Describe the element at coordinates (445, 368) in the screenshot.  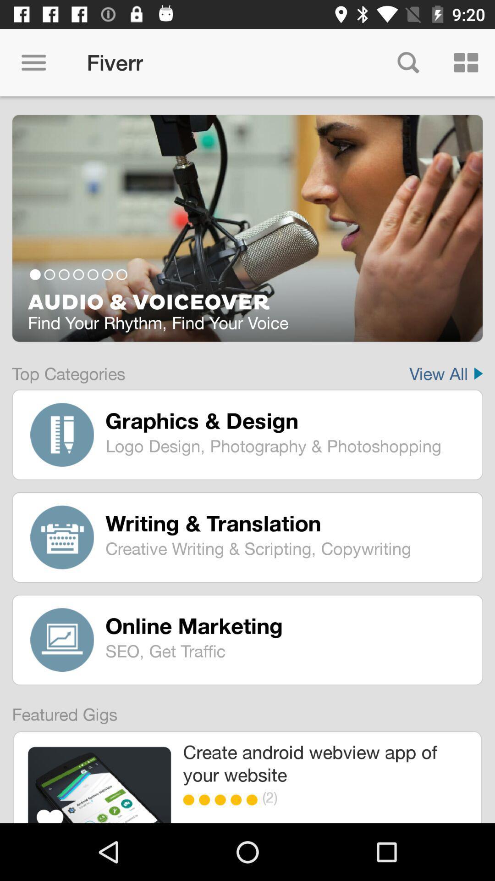
I see `view all on the right` at that location.